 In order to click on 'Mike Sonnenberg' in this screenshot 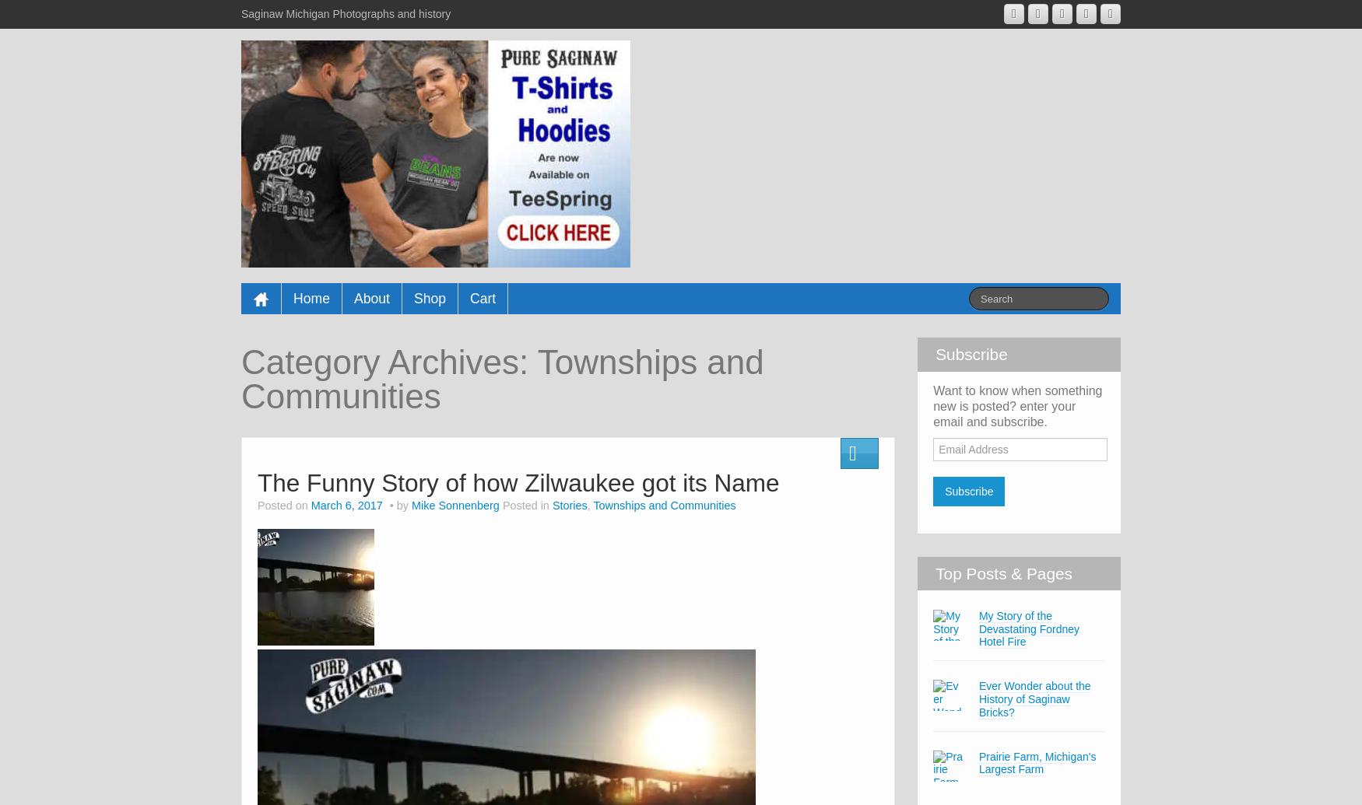, I will do `click(455, 504)`.